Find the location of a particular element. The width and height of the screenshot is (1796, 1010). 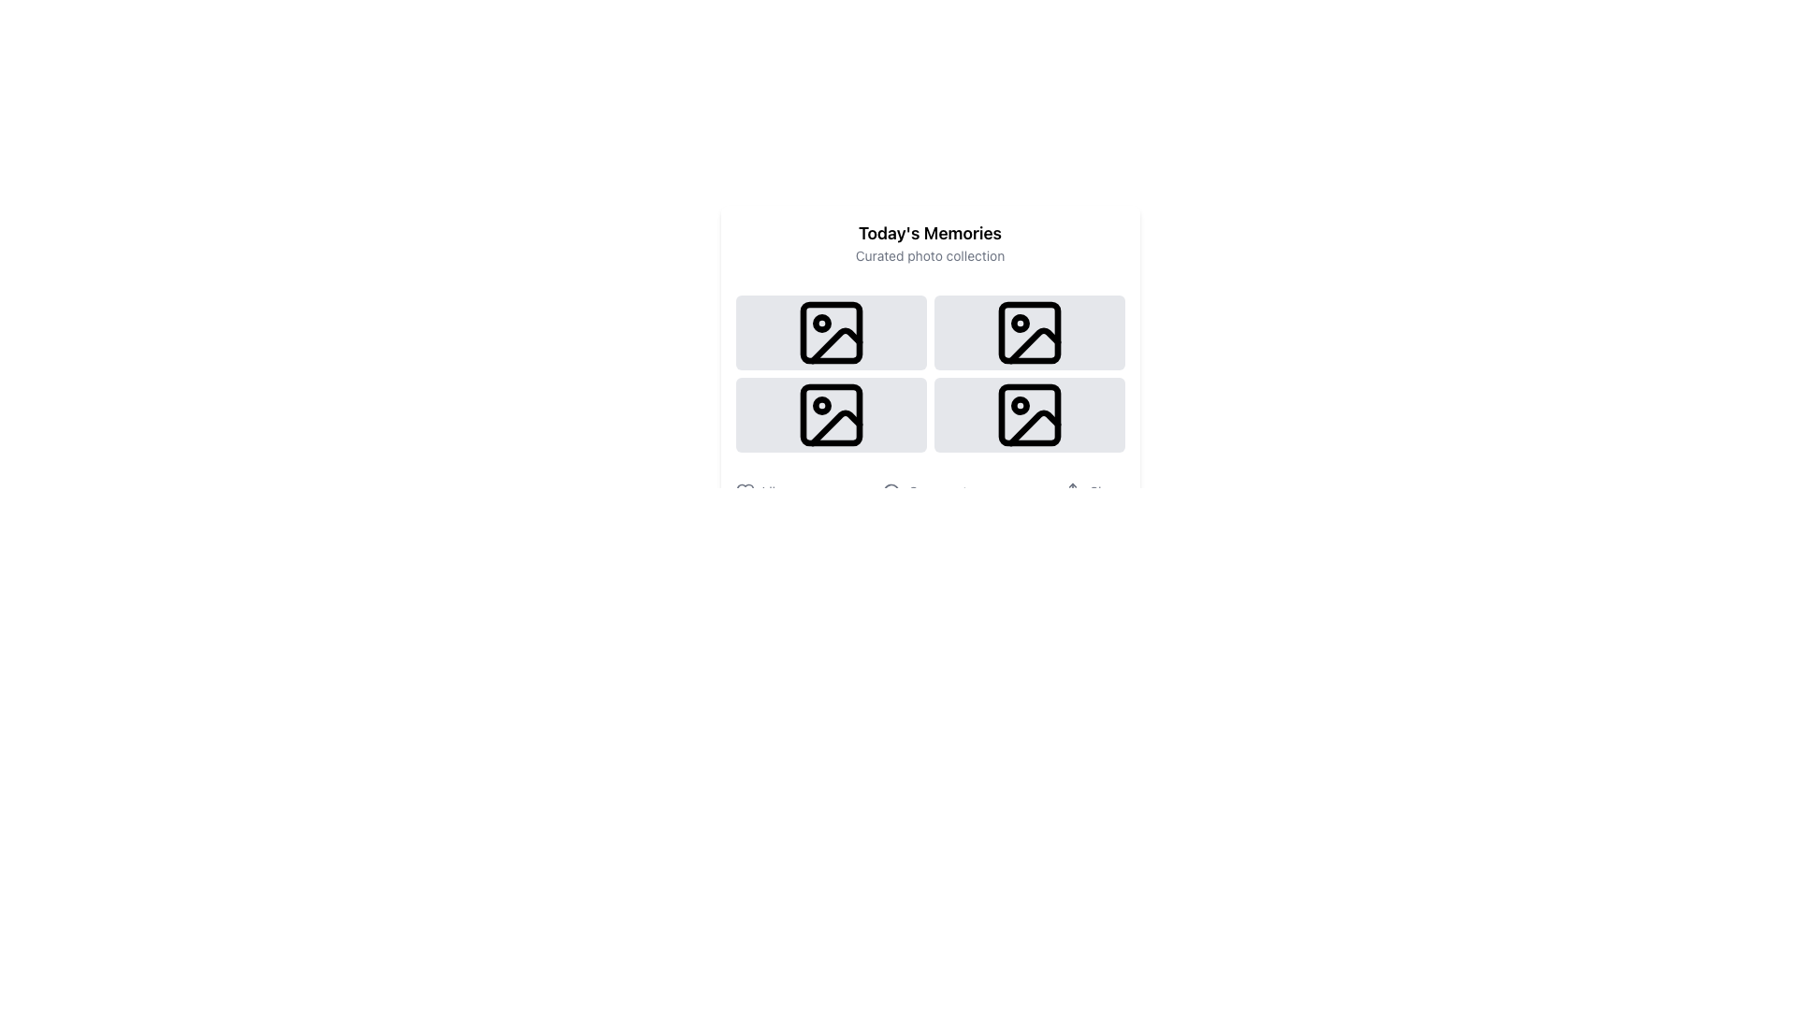

the heart icon located in the lower-left part of the interface, adjacent to other interactive elements in the 'Today's Memories' photo collection is located at coordinates (744, 490).